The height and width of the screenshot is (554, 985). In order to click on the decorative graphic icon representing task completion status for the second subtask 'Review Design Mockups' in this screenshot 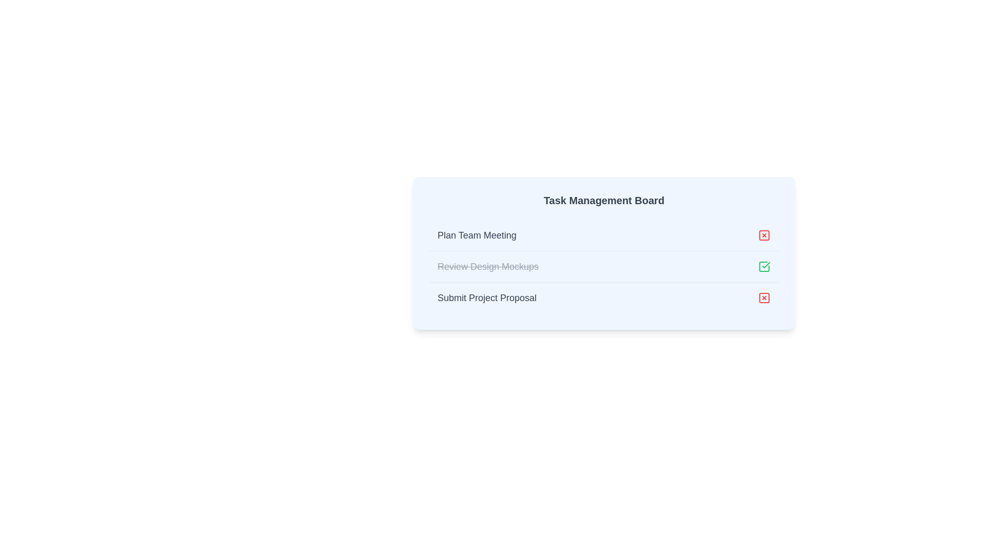, I will do `click(764, 266)`.